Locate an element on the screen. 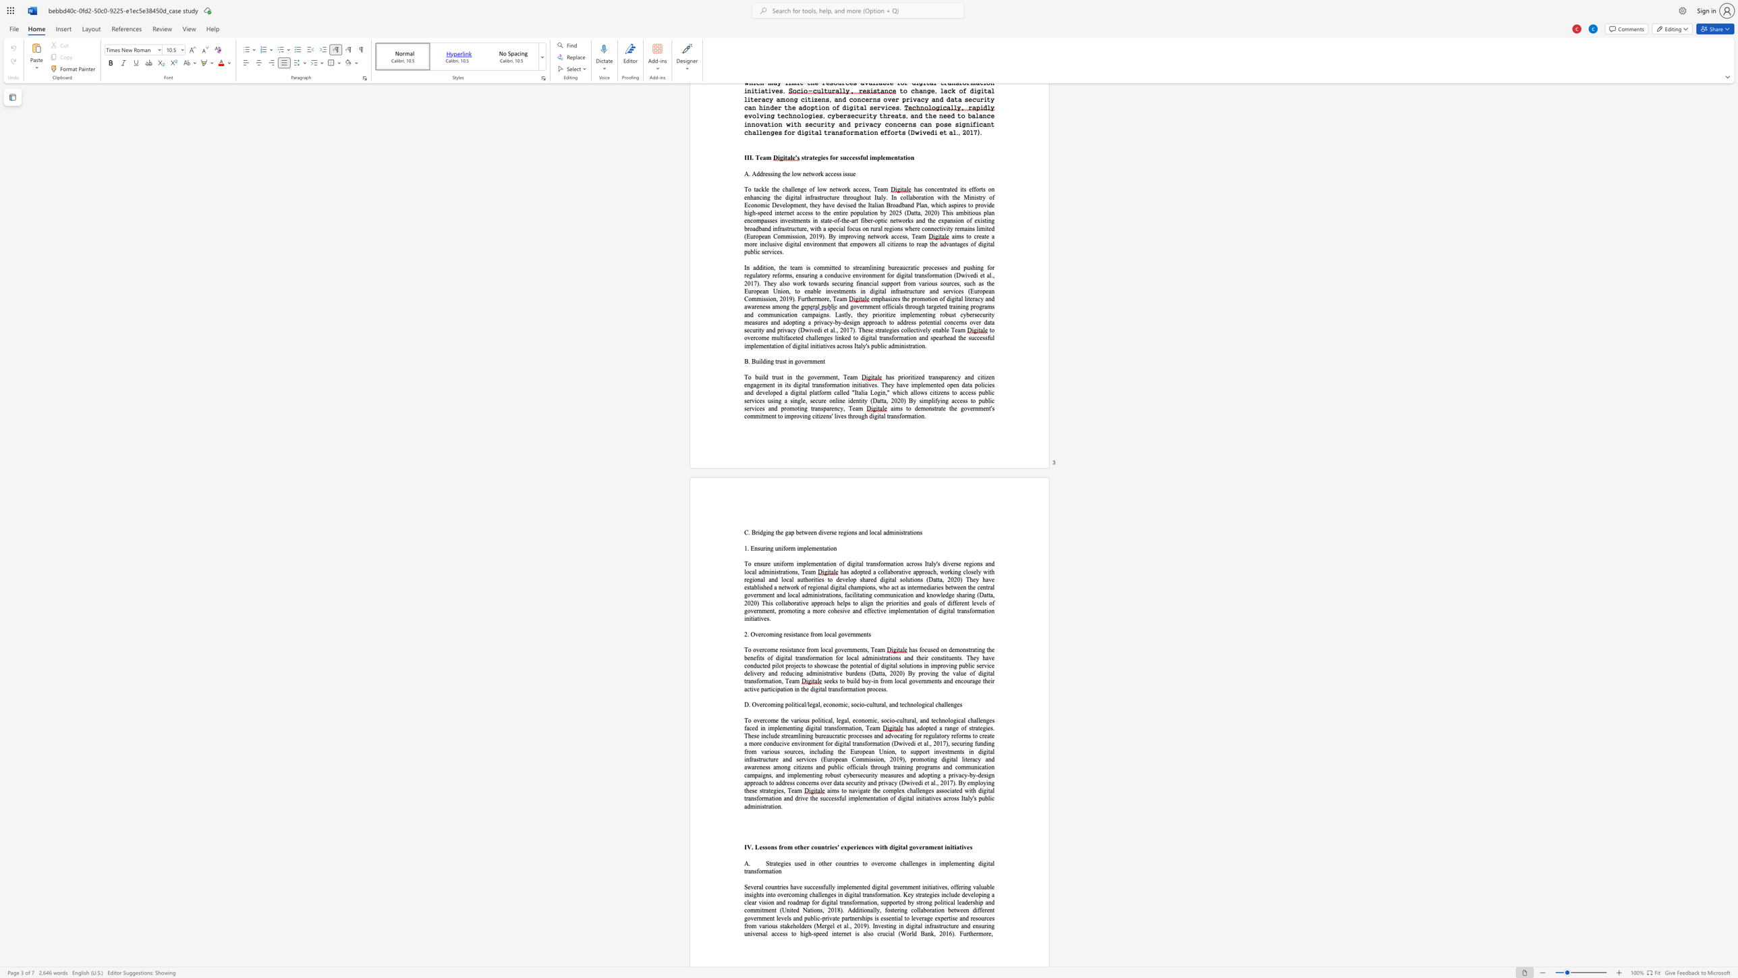  the 2th character "o" in the text is located at coordinates (785, 846).